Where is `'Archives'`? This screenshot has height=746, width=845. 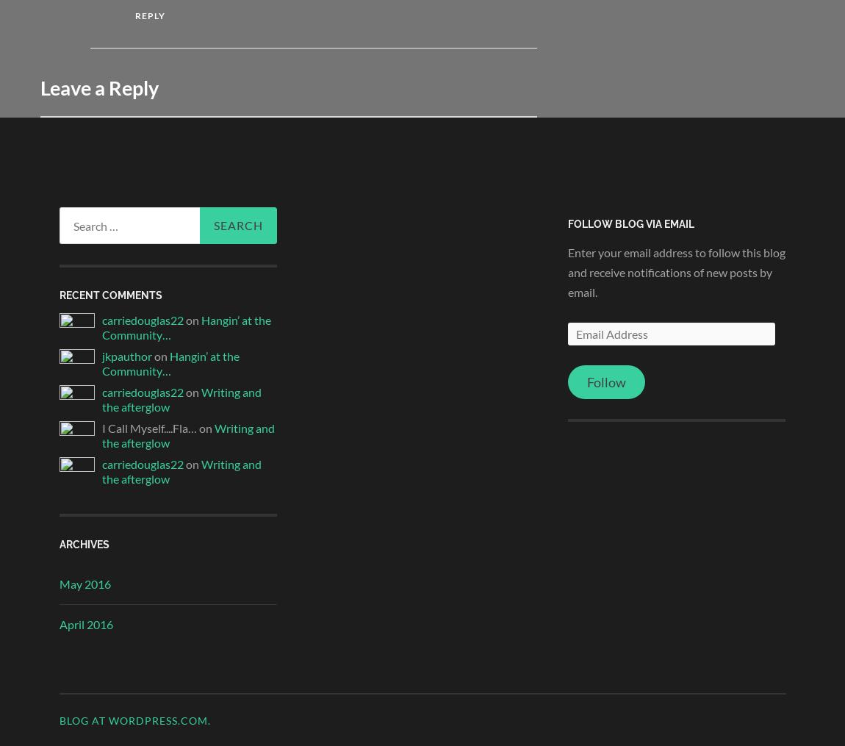
'Archives' is located at coordinates (82, 543).